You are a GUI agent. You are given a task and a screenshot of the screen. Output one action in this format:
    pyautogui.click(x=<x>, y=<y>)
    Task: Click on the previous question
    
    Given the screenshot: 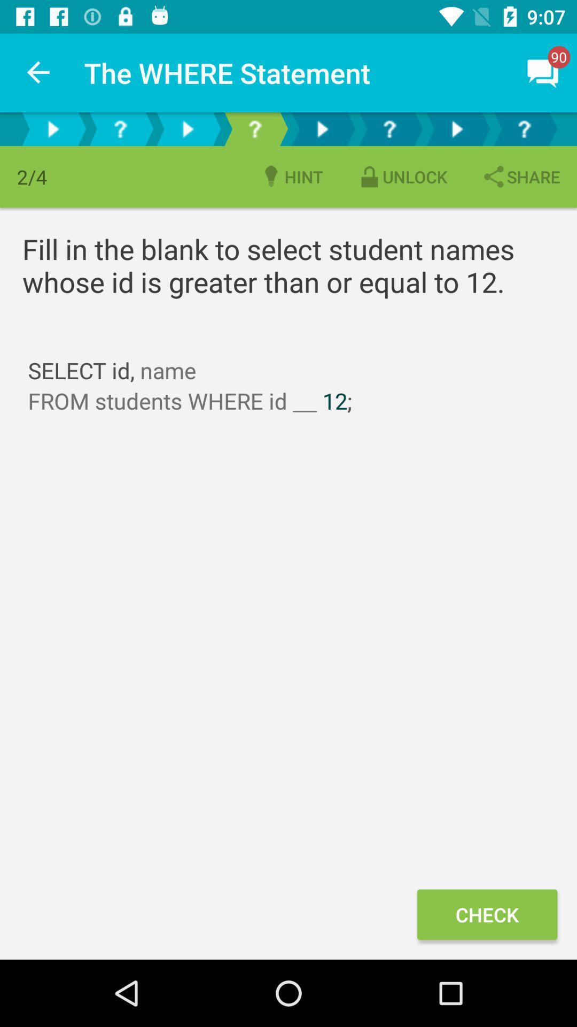 What is the action you would take?
    pyautogui.click(x=120, y=128)
    